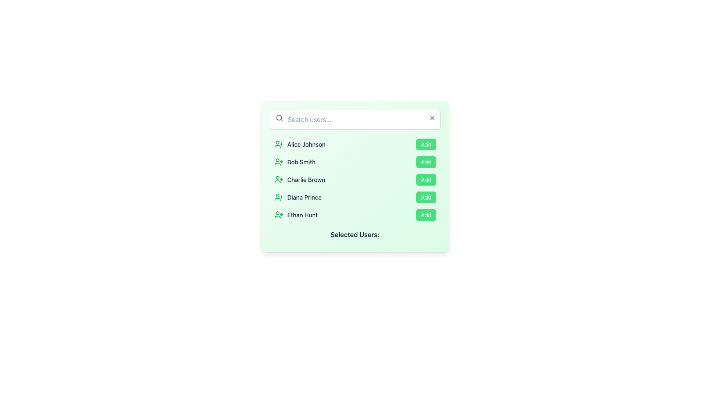  Describe the element at coordinates (296, 215) in the screenshot. I see `text label representing the name of the user available for selection, which is the fifth item in the user management list` at that location.